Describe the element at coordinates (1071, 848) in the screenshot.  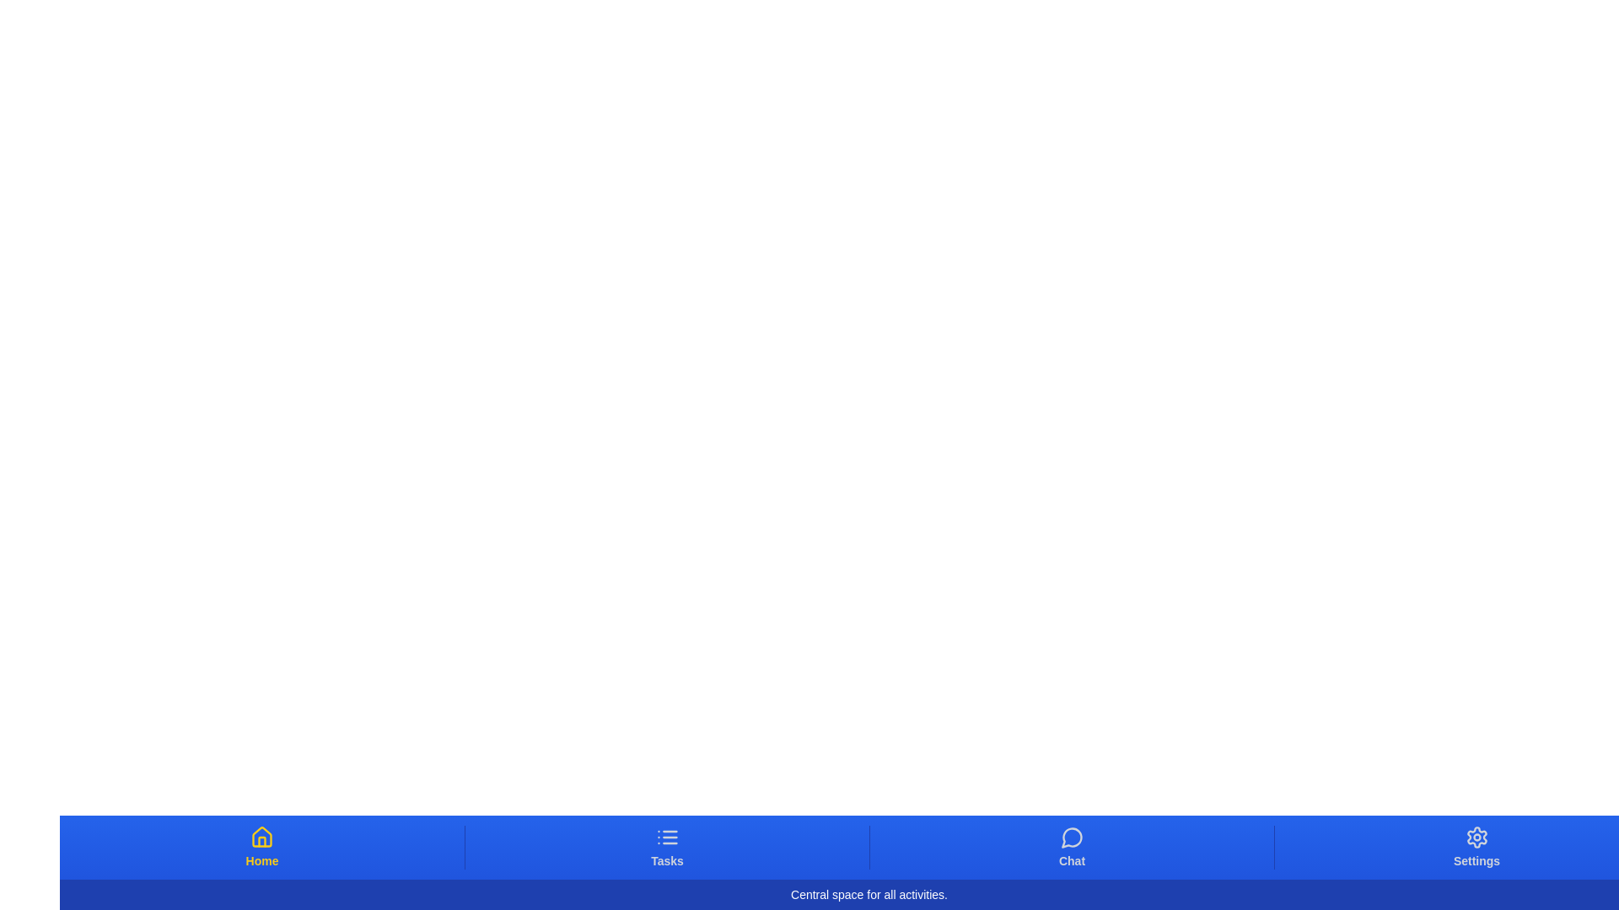
I see `the Chat tab button to switch to the corresponding tab` at that location.